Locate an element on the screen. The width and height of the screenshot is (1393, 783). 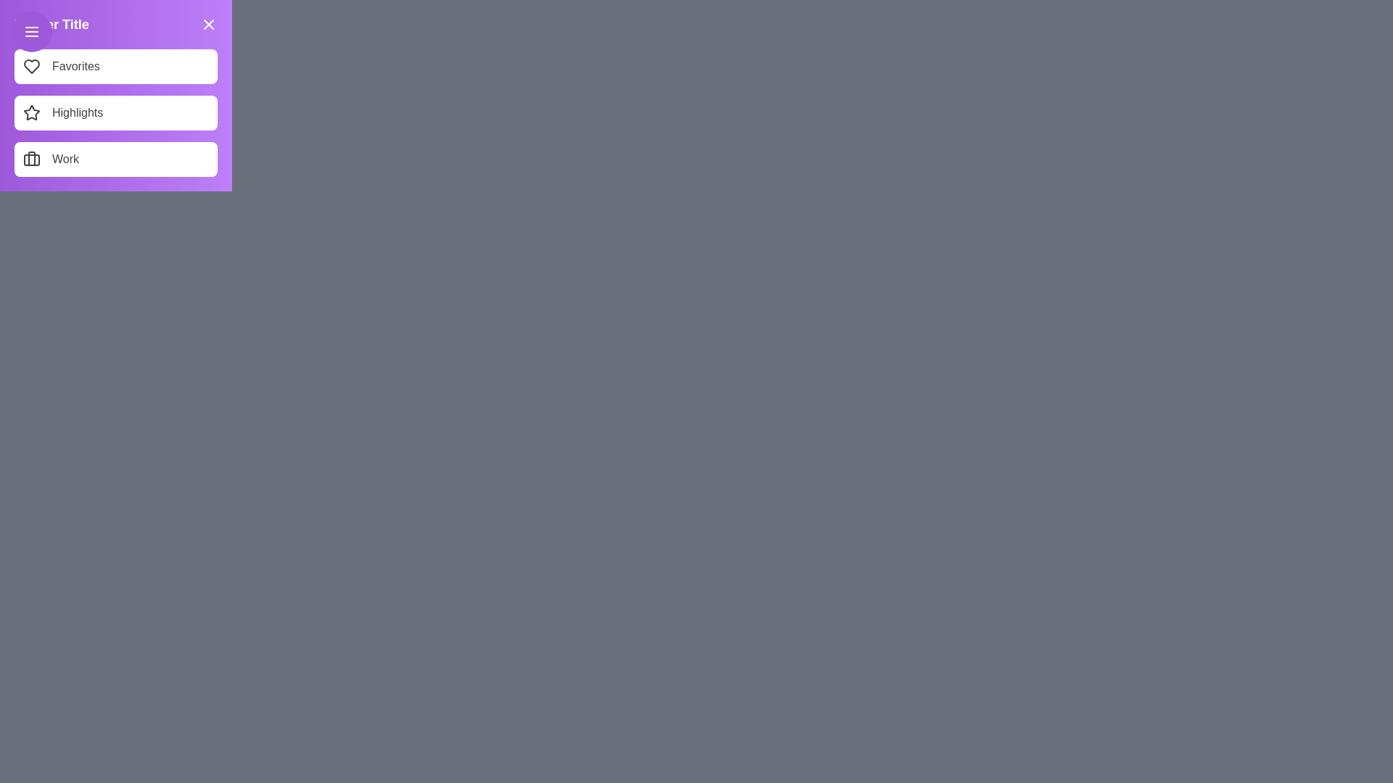
the star-shaped icon located in the Highlights menu, which is the second icon in the vertical stack under 'Favorites' and above 'Work' is located at coordinates (31, 112).